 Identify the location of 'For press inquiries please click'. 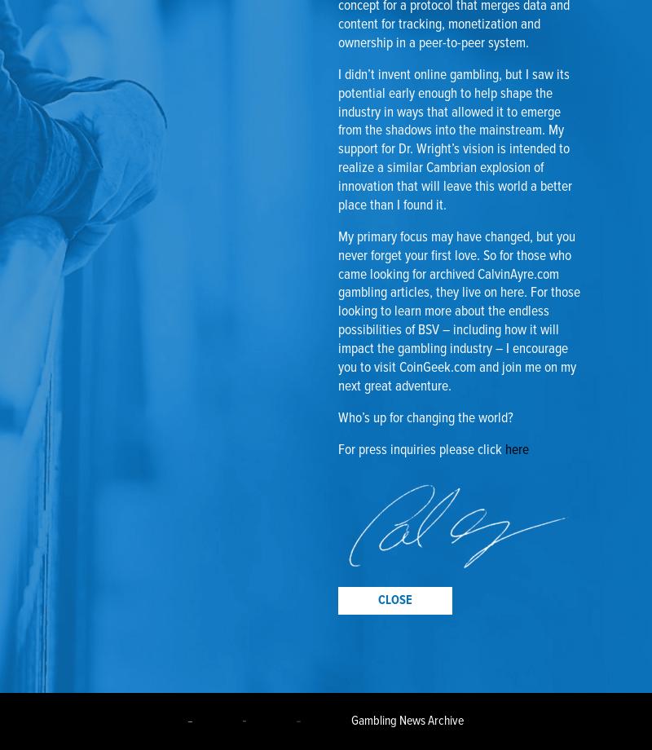
(421, 449).